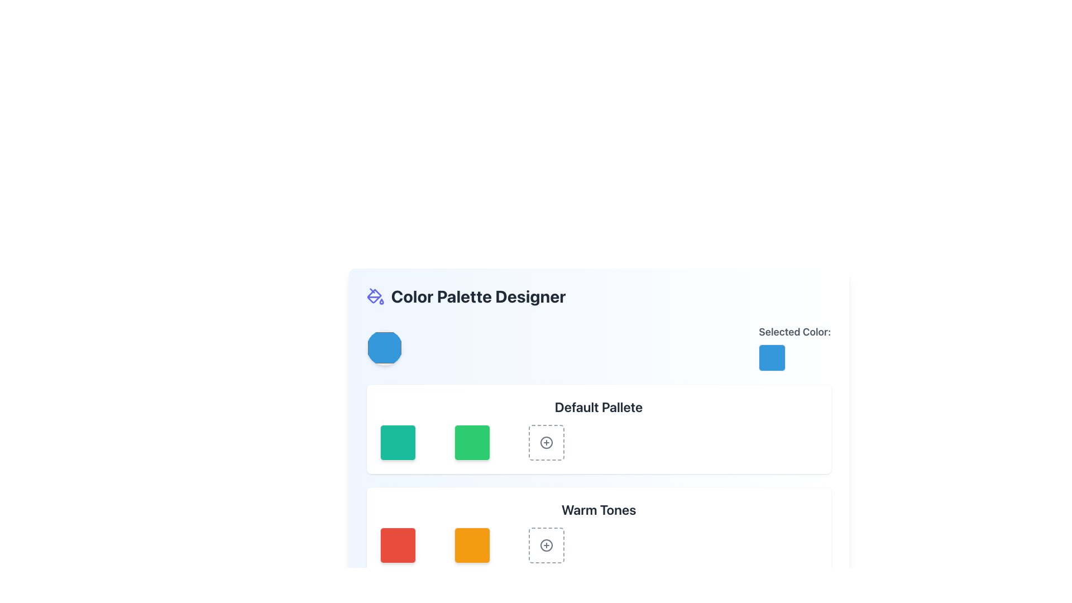  Describe the element at coordinates (472, 442) in the screenshot. I see `the green square color selector item from the 'Default Palette' section` at that location.